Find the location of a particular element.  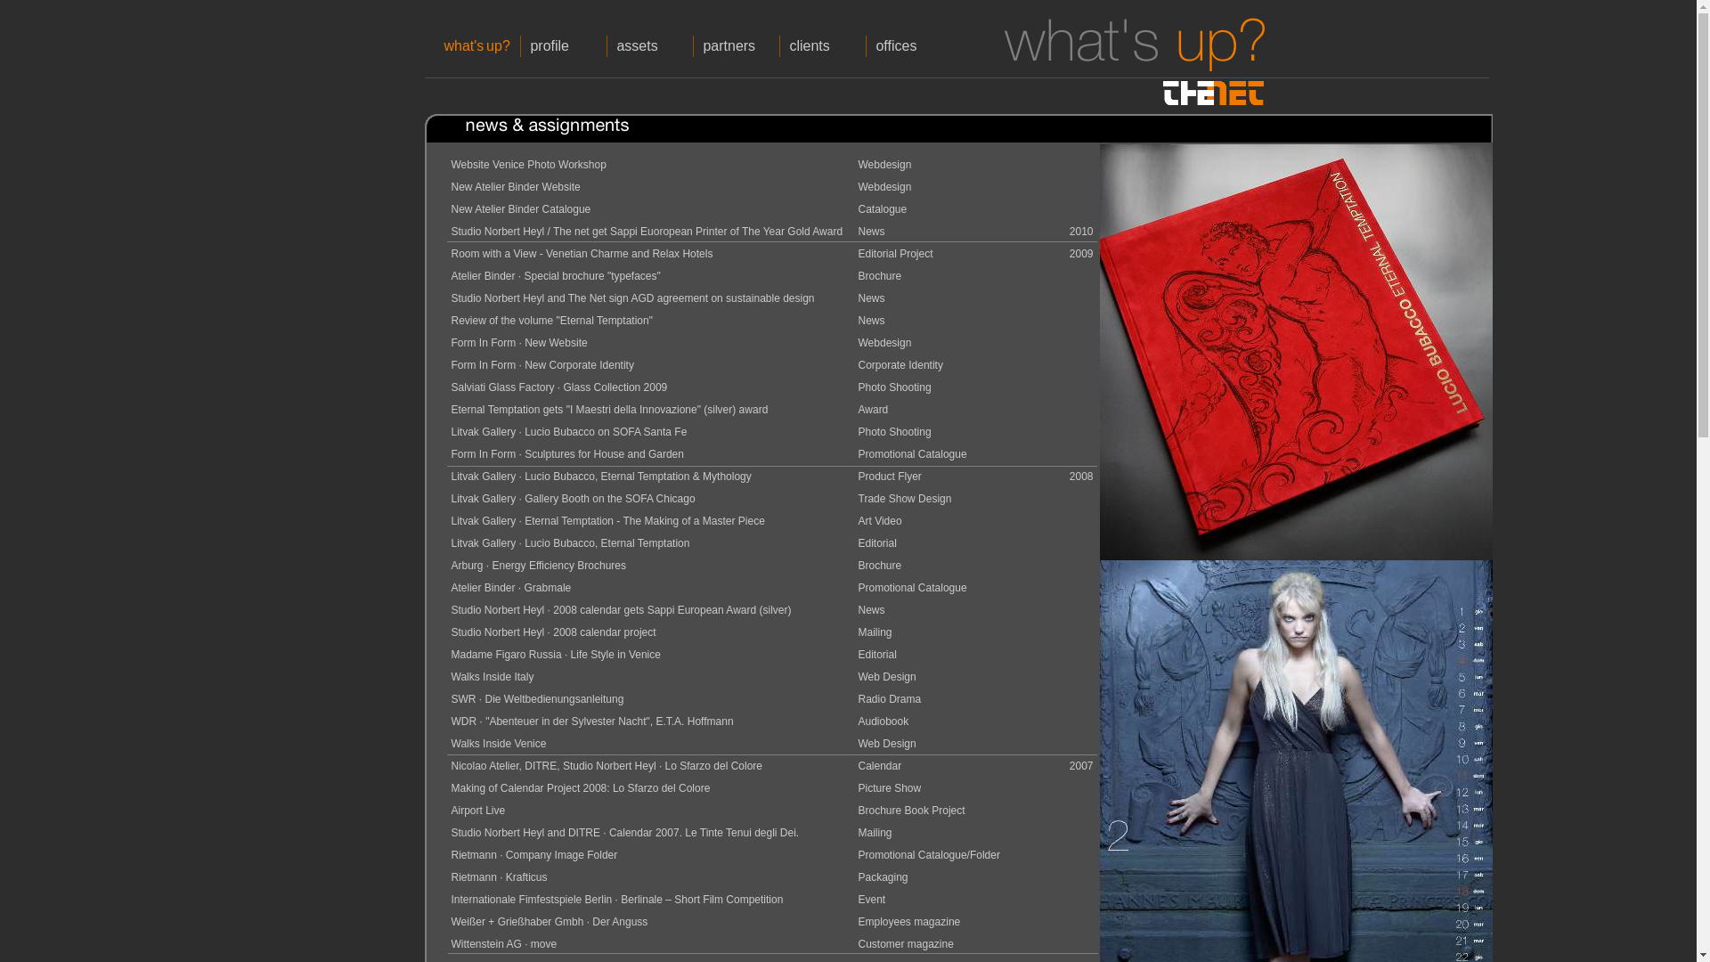

'partners' is located at coordinates (736, 45).